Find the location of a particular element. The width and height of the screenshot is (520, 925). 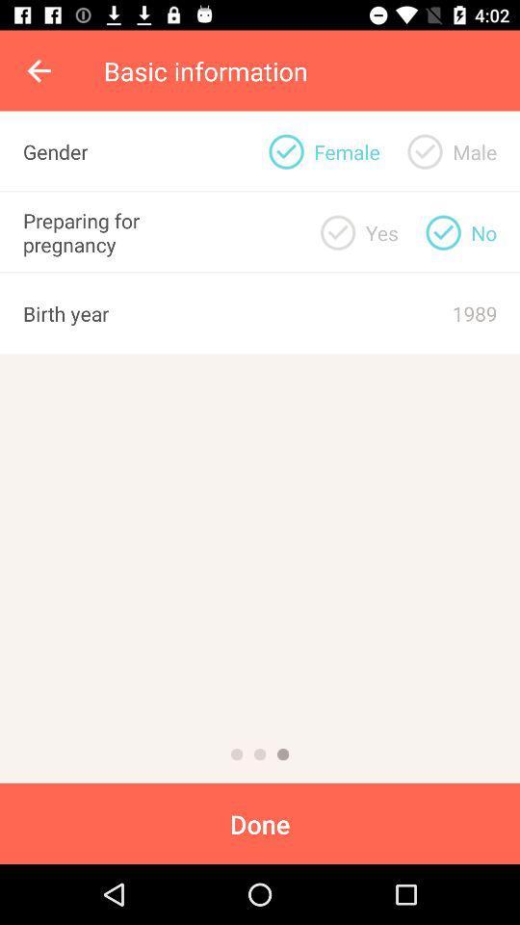

the check icon is located at coordinates (285, 150).